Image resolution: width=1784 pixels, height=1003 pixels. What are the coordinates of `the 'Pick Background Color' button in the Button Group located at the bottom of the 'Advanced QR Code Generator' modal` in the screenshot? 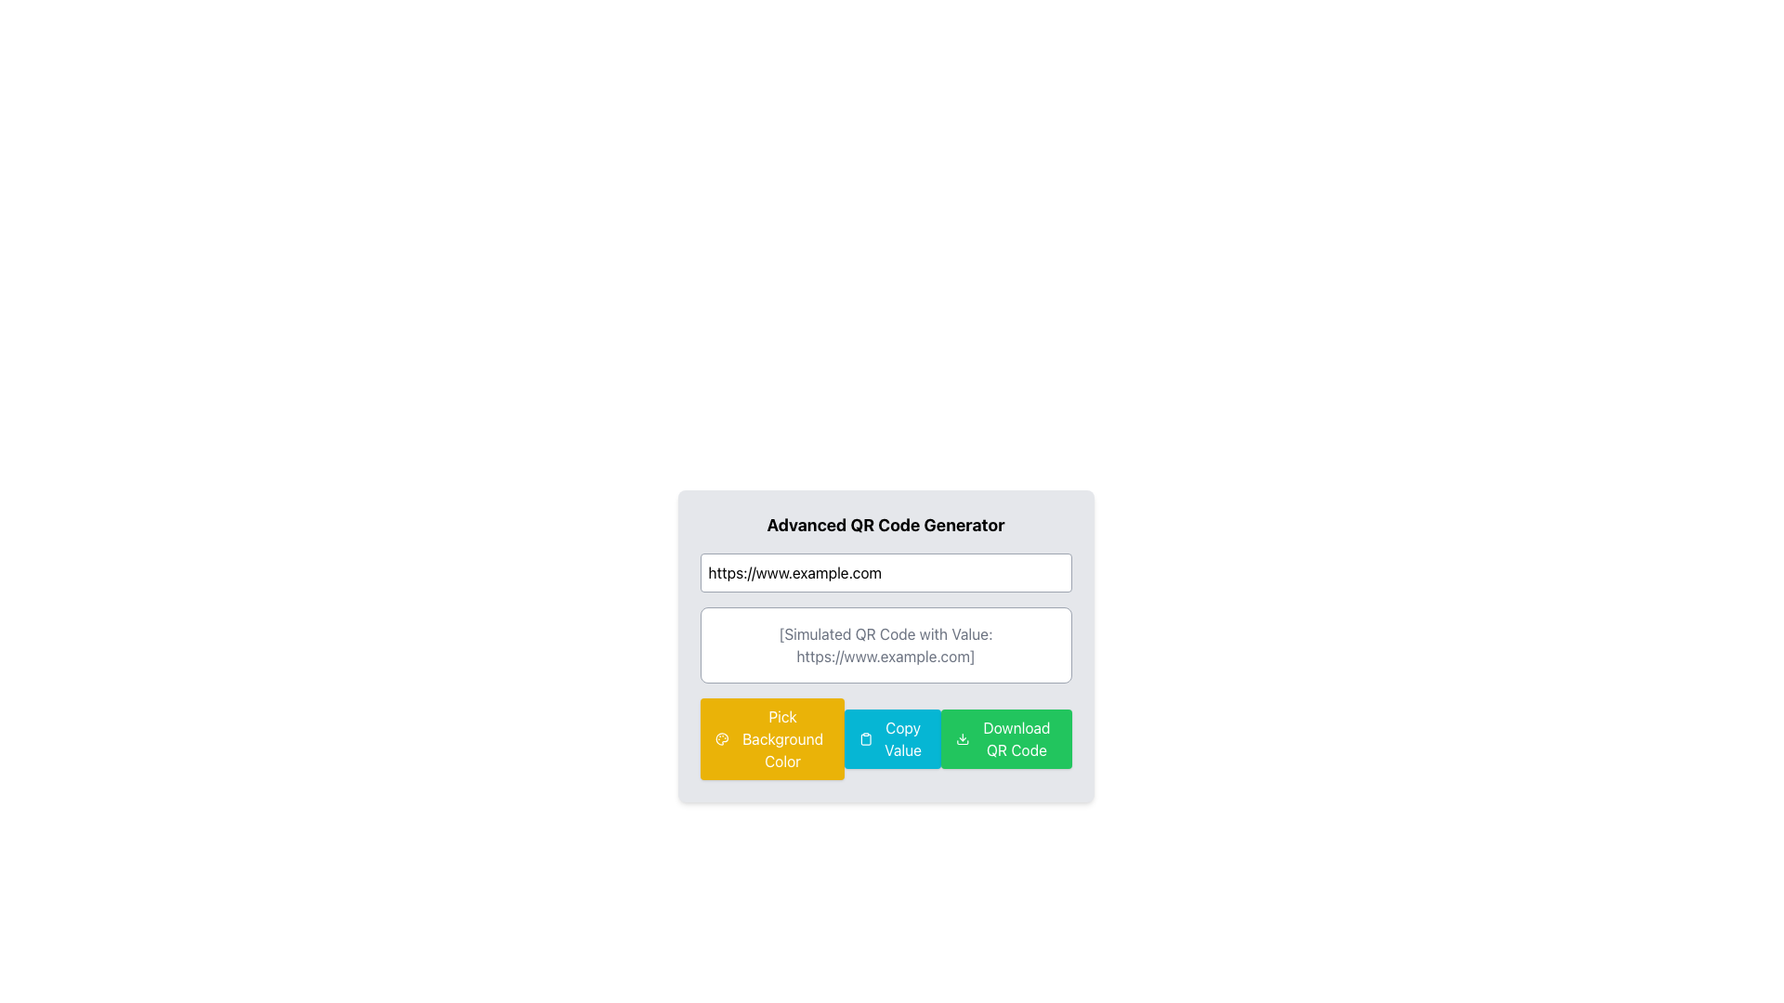 It's located at (885, 737).